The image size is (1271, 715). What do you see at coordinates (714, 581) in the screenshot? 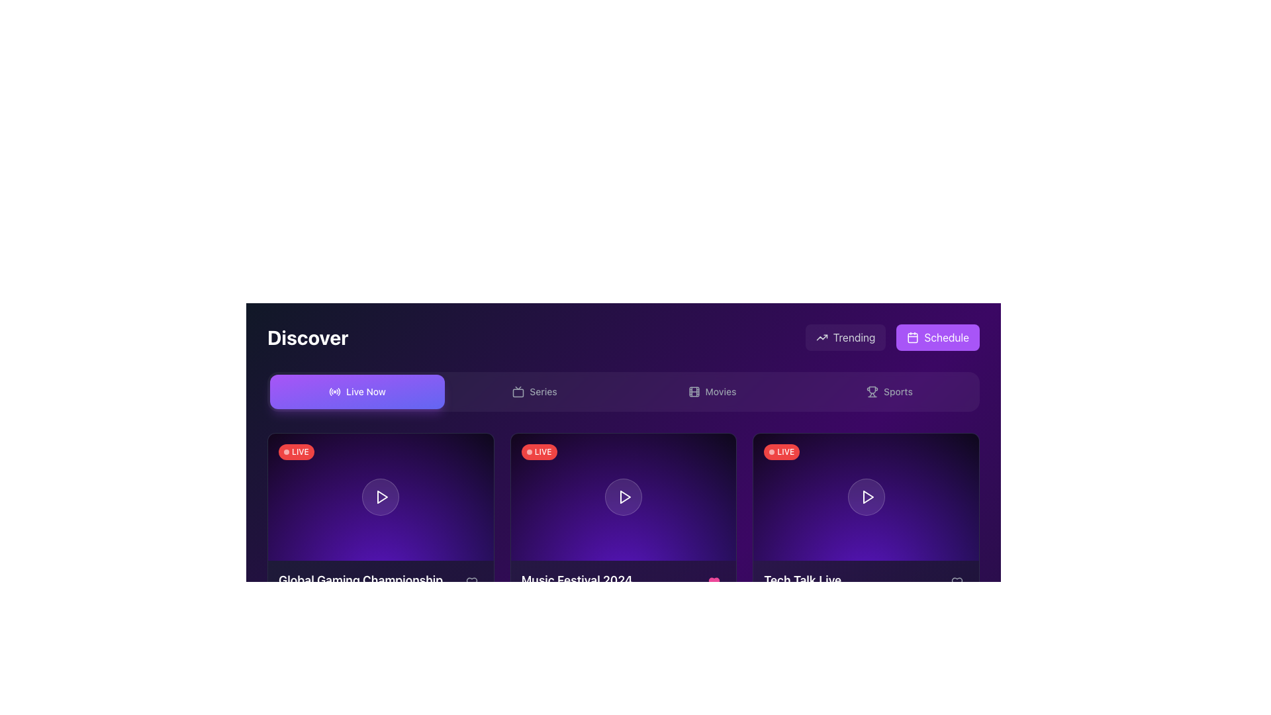
I see `the pink heart-shaped icon button representing 'like' or 'favorite'` at bounding box center [714, 581].